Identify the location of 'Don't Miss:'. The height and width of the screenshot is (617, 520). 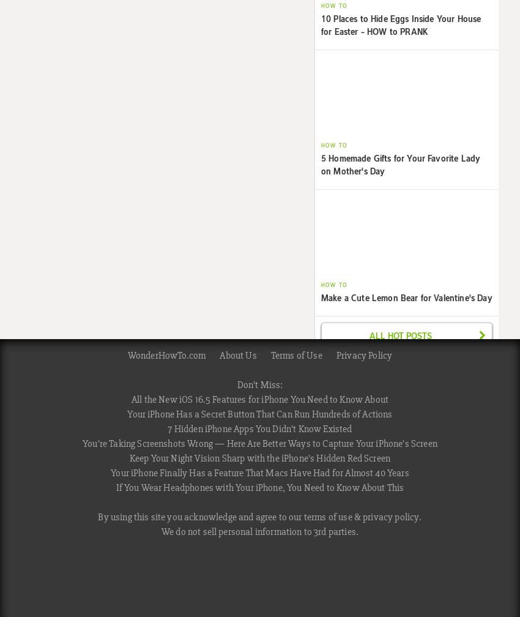
(259, 384).